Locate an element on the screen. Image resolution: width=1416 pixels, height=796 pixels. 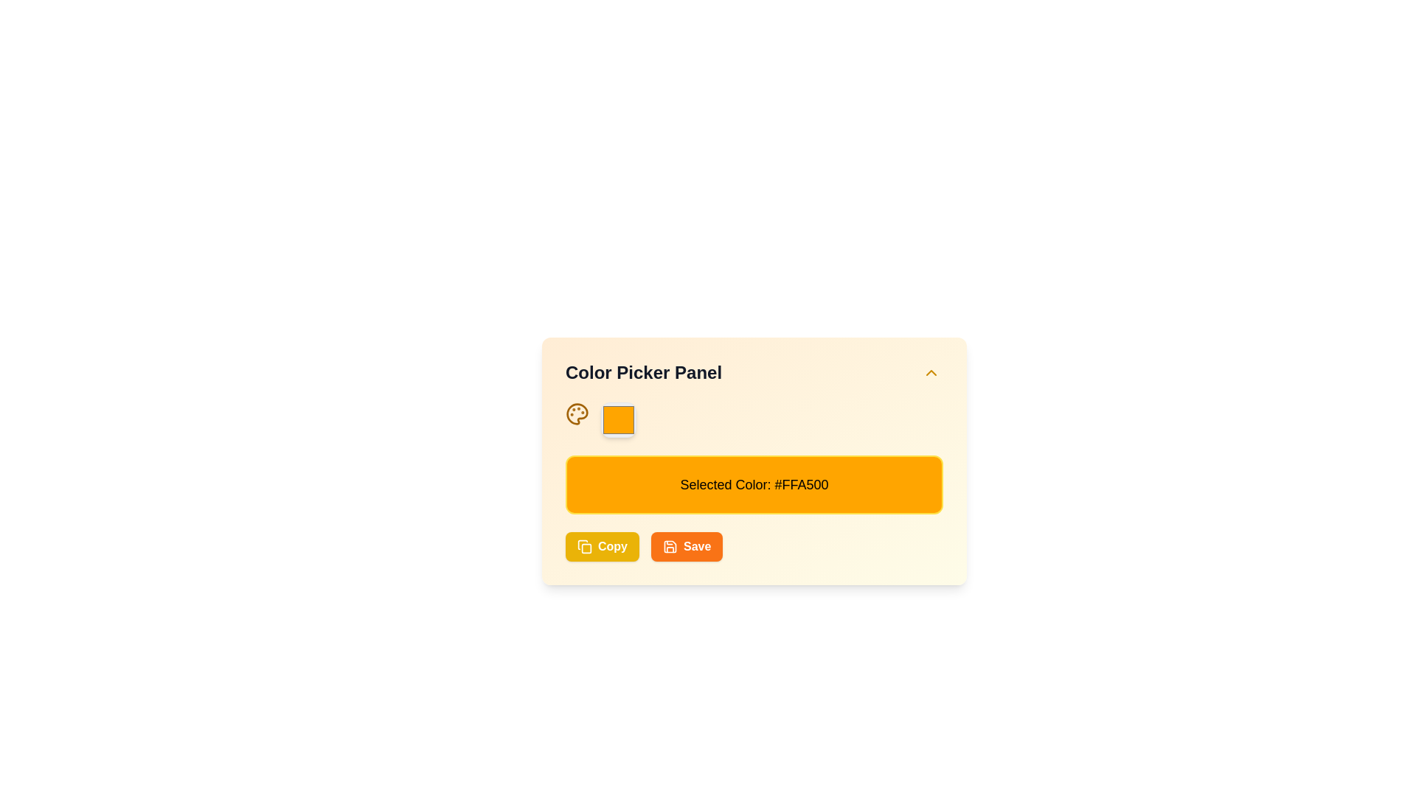
the 'Save' button located in the lower-right corner of the color selection panel is located at coordinates (696, 546).